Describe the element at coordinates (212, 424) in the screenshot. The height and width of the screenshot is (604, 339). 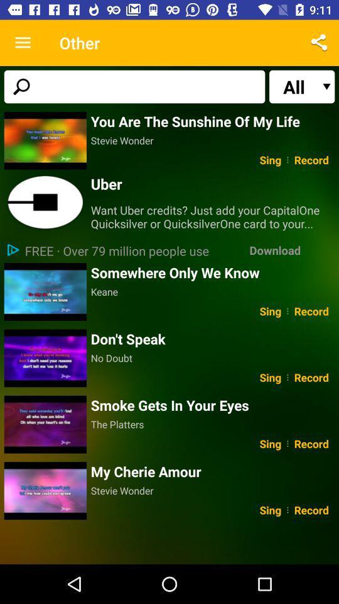
I see `the the platters  item` at that location.